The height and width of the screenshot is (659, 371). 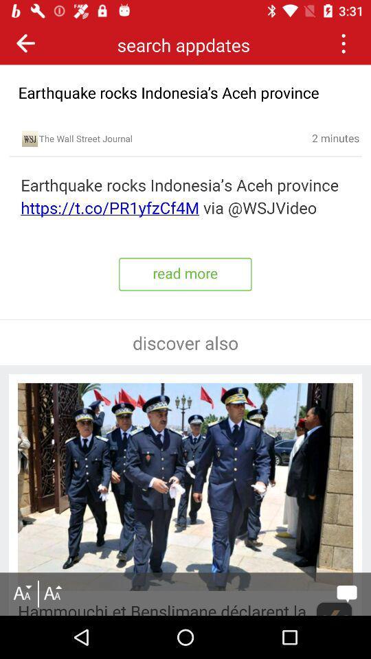 I want to click on option, so click(x=342, y=43).